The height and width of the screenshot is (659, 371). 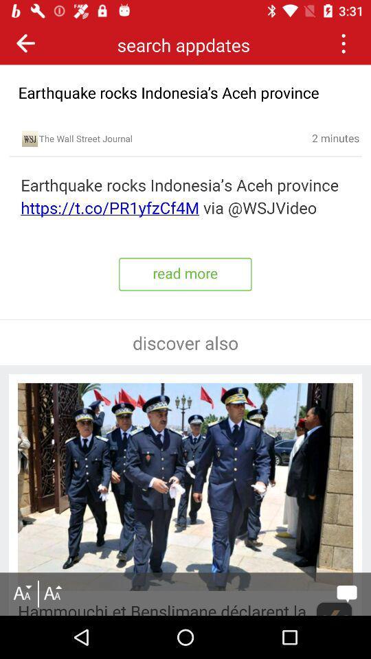 I want to click on option, so click(x=342, y=43).